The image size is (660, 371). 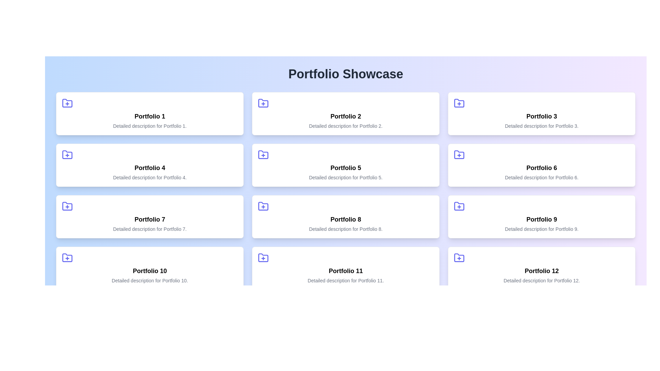 I want to click on the Text title/heading element located in the third row, right-most column of the grid layout, which serves as a title for the card, so click(x=541, y=220).